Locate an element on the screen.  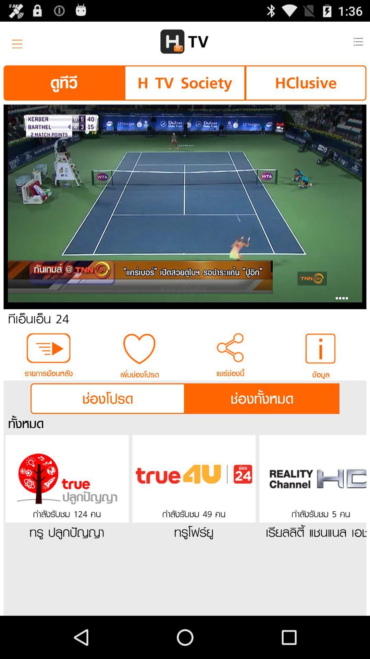
the menu icon is located at coordinates (15, 44).